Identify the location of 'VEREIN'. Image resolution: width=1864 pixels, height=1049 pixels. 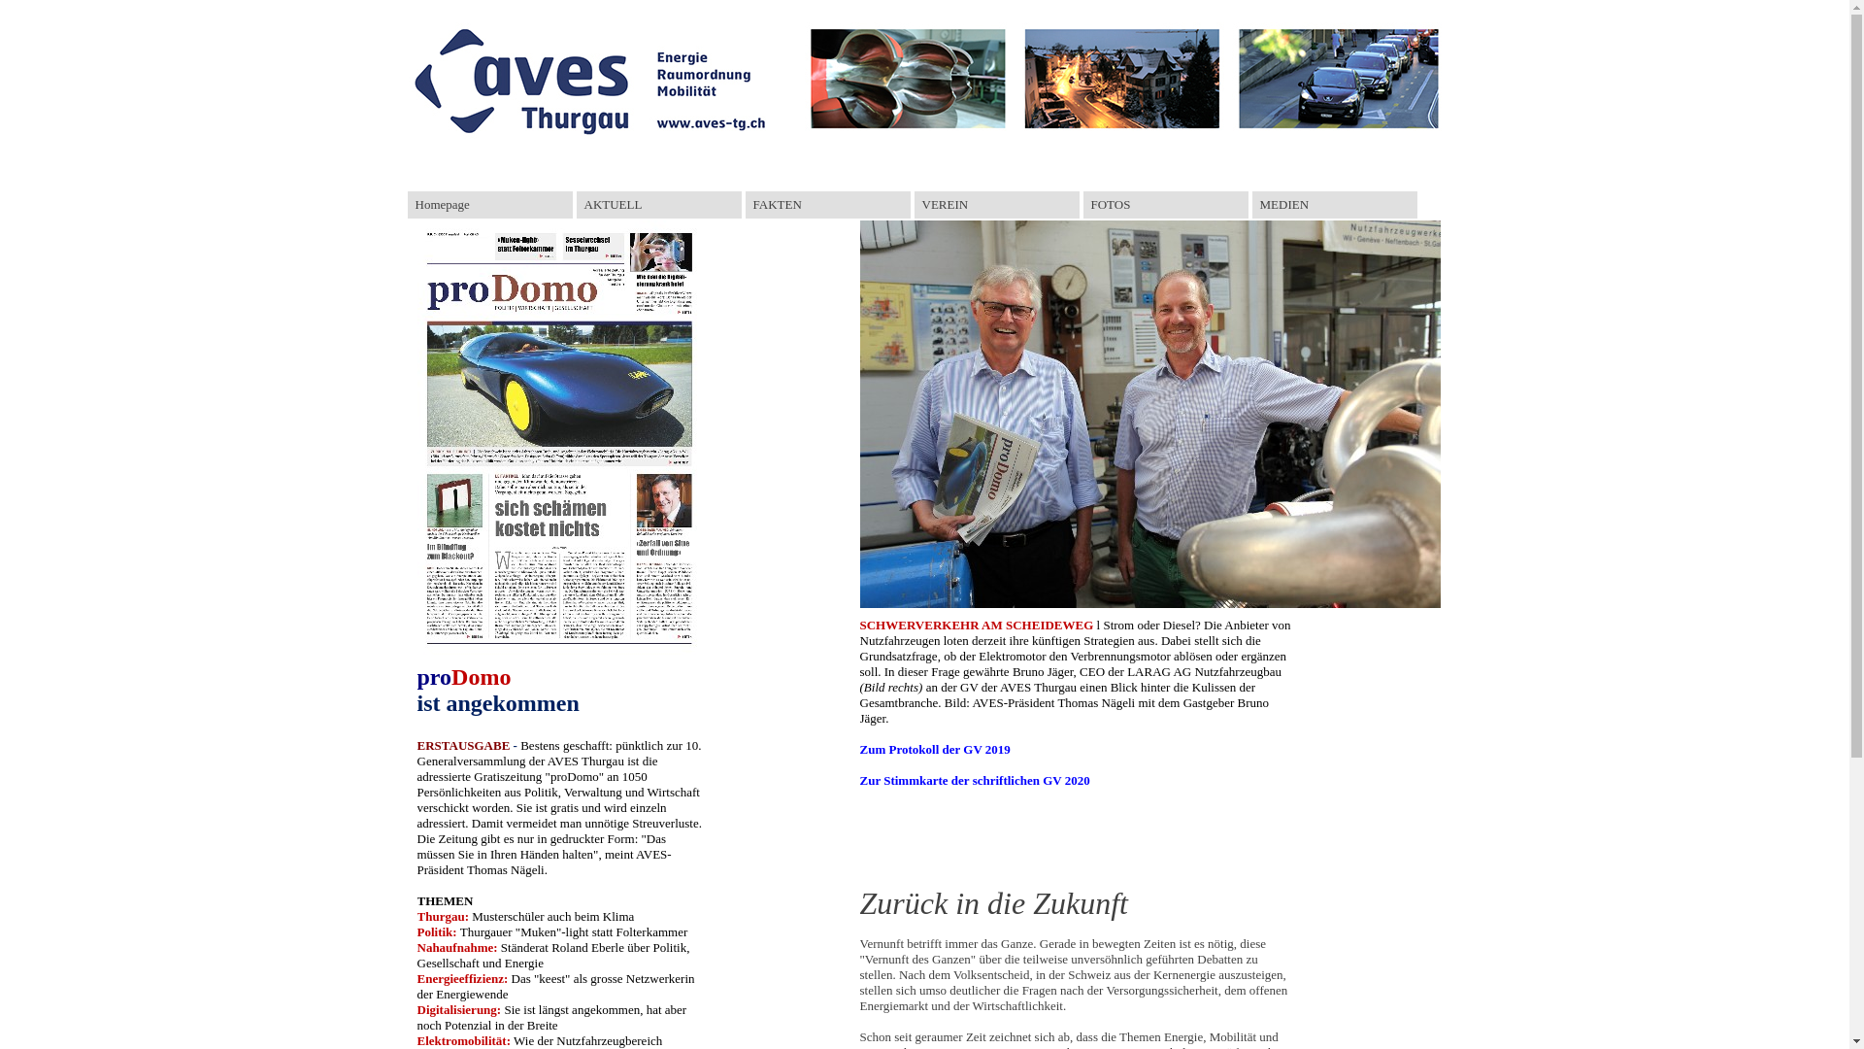
(997, 205).